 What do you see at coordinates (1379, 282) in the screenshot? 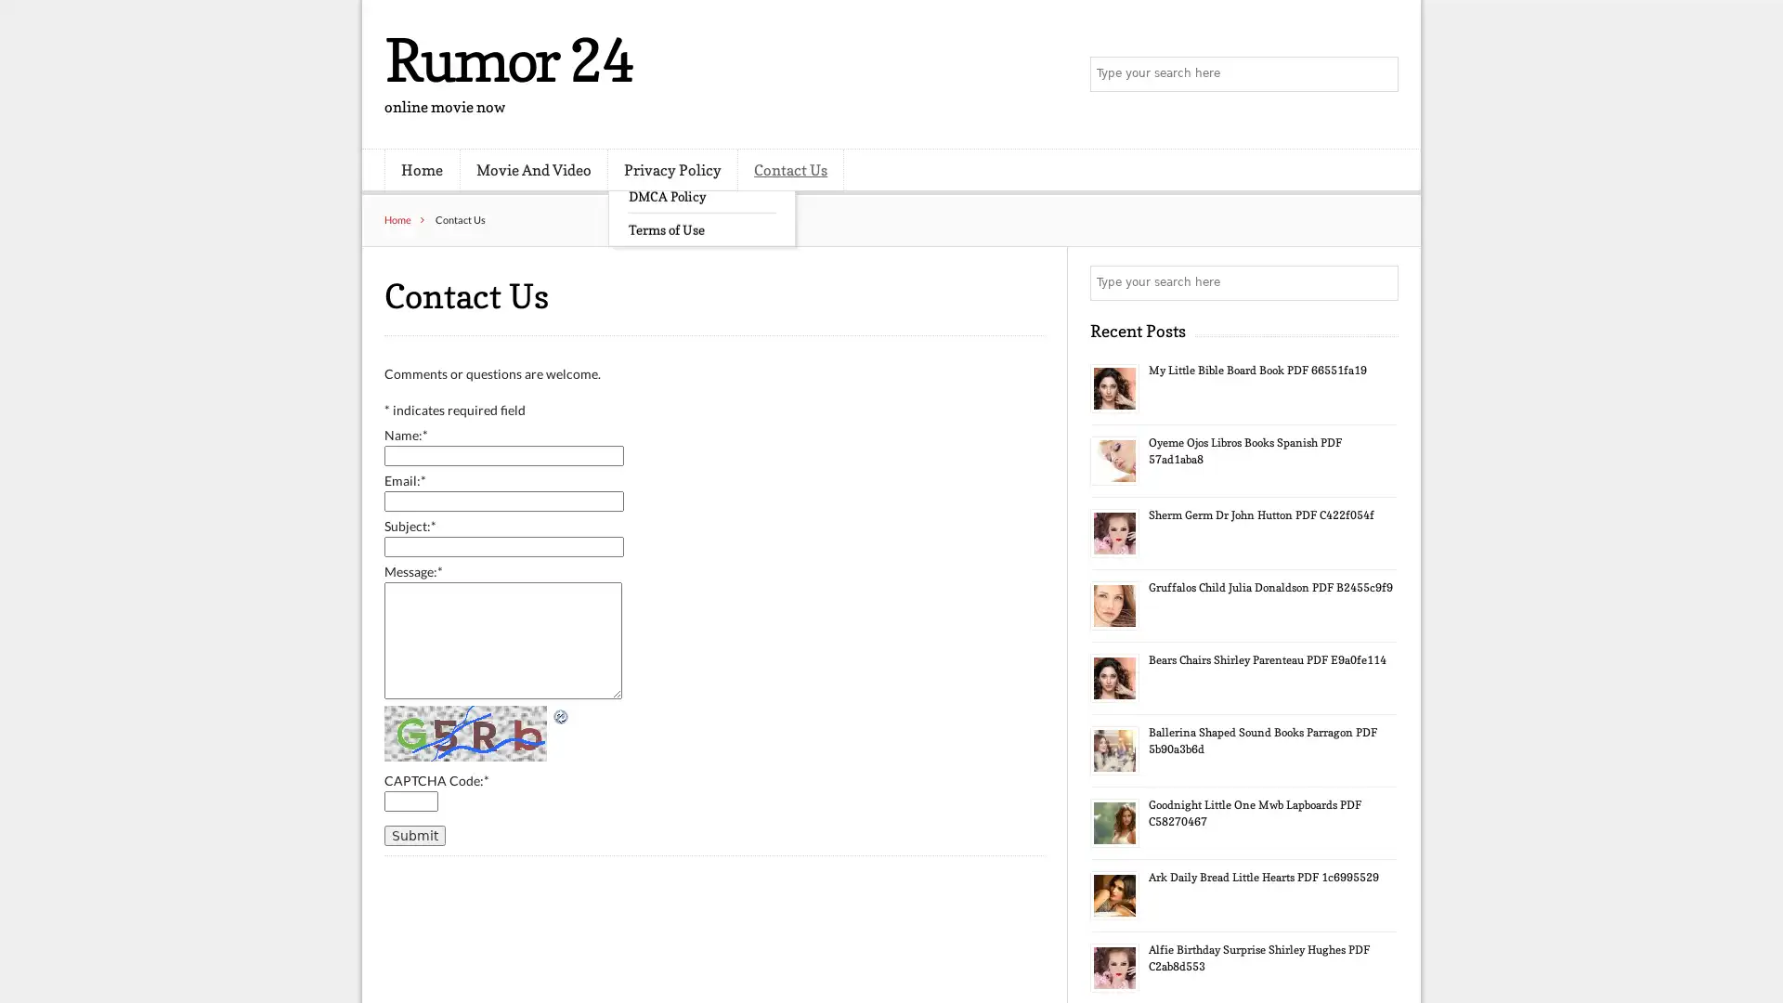
I see `Search` at bounding box center [1379, 282].